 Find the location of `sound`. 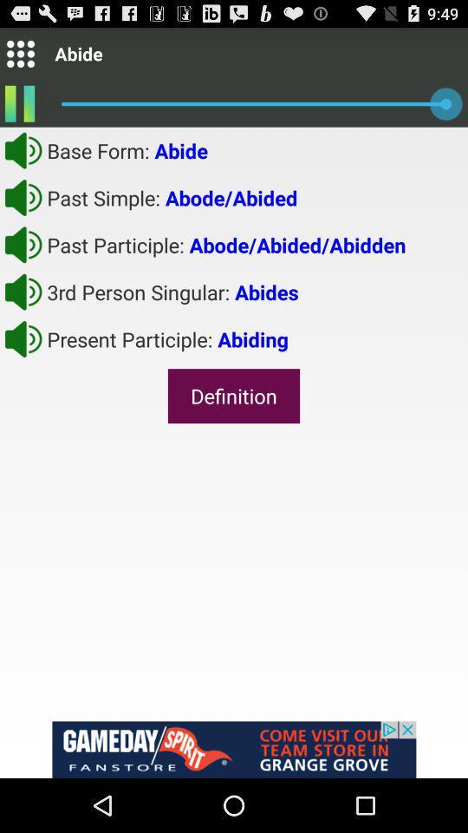

sound is located at coordinates (23, 149).